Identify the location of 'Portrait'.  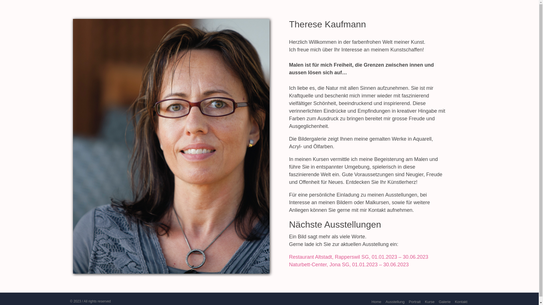
(415, 301).